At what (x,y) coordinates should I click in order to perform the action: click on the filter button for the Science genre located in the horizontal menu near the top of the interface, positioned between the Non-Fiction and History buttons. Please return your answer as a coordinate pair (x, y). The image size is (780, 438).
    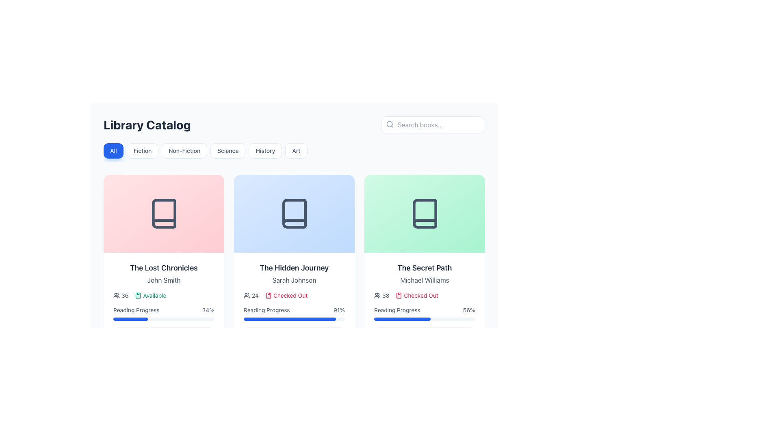
    Looking at the image, I should click on (227, 150).